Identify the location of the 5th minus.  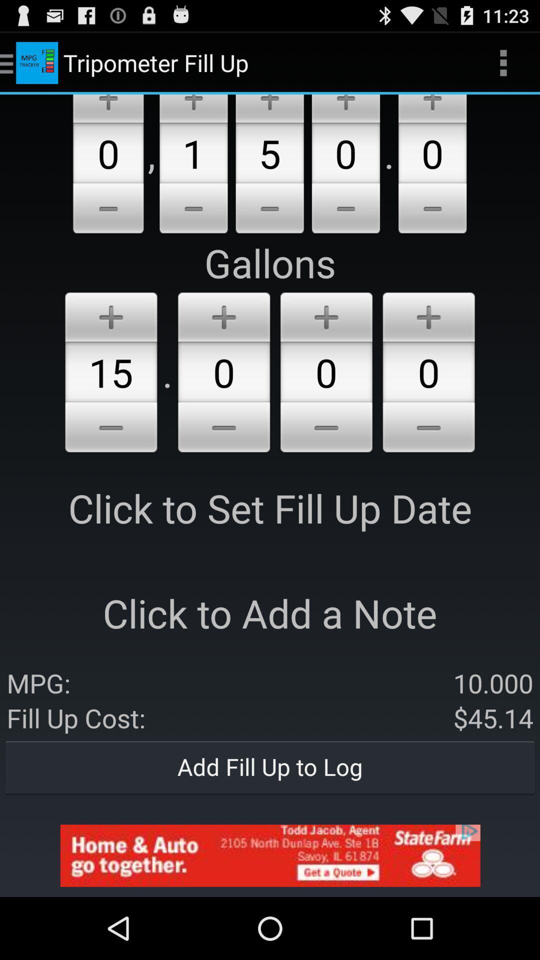
(431, 209).